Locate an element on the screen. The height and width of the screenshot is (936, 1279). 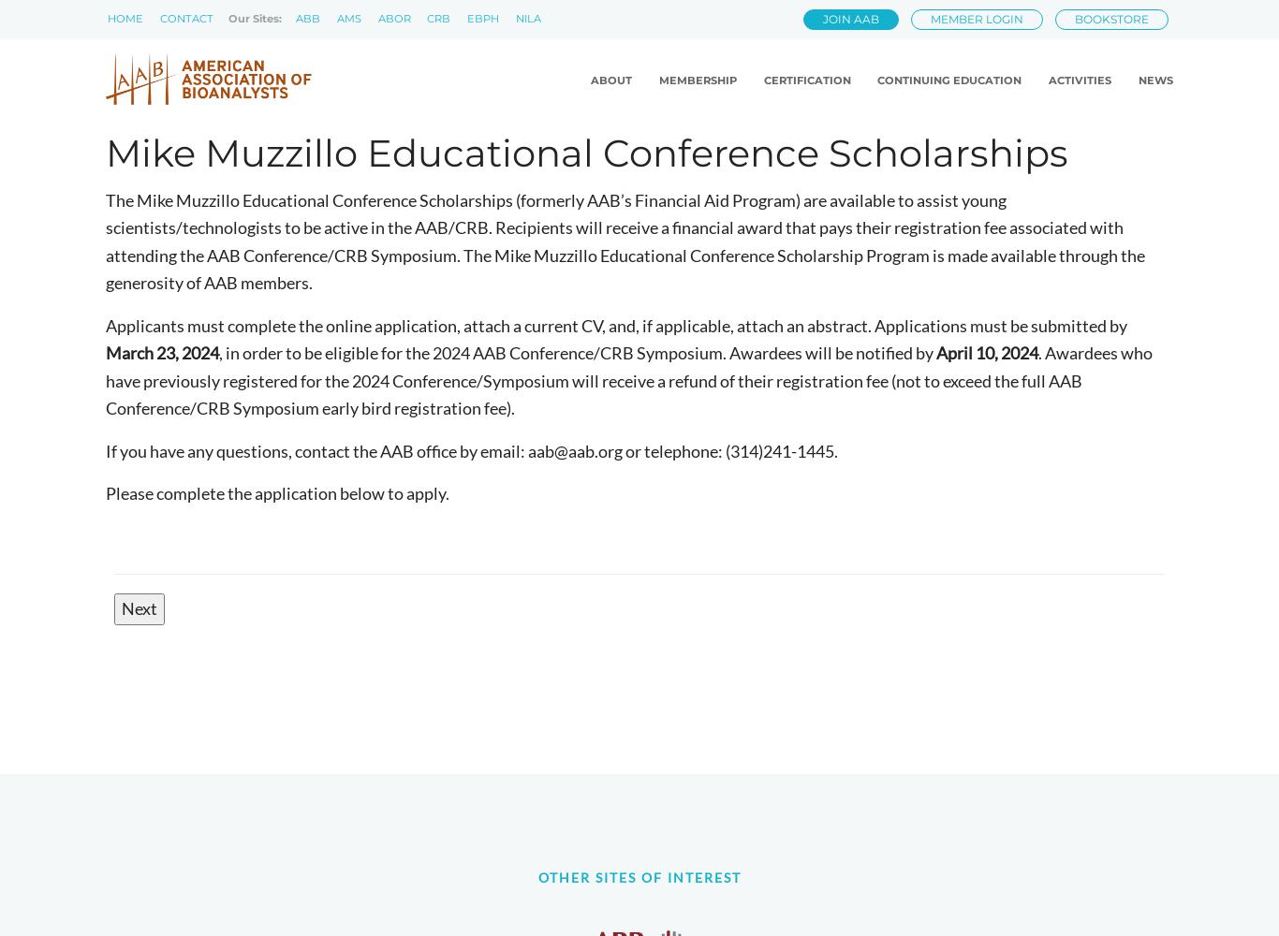
', in order to be eligible for the 2024 AAB Conference/CRB Symposium. Awardees will be notified by' is located at coordinates (577, 353).